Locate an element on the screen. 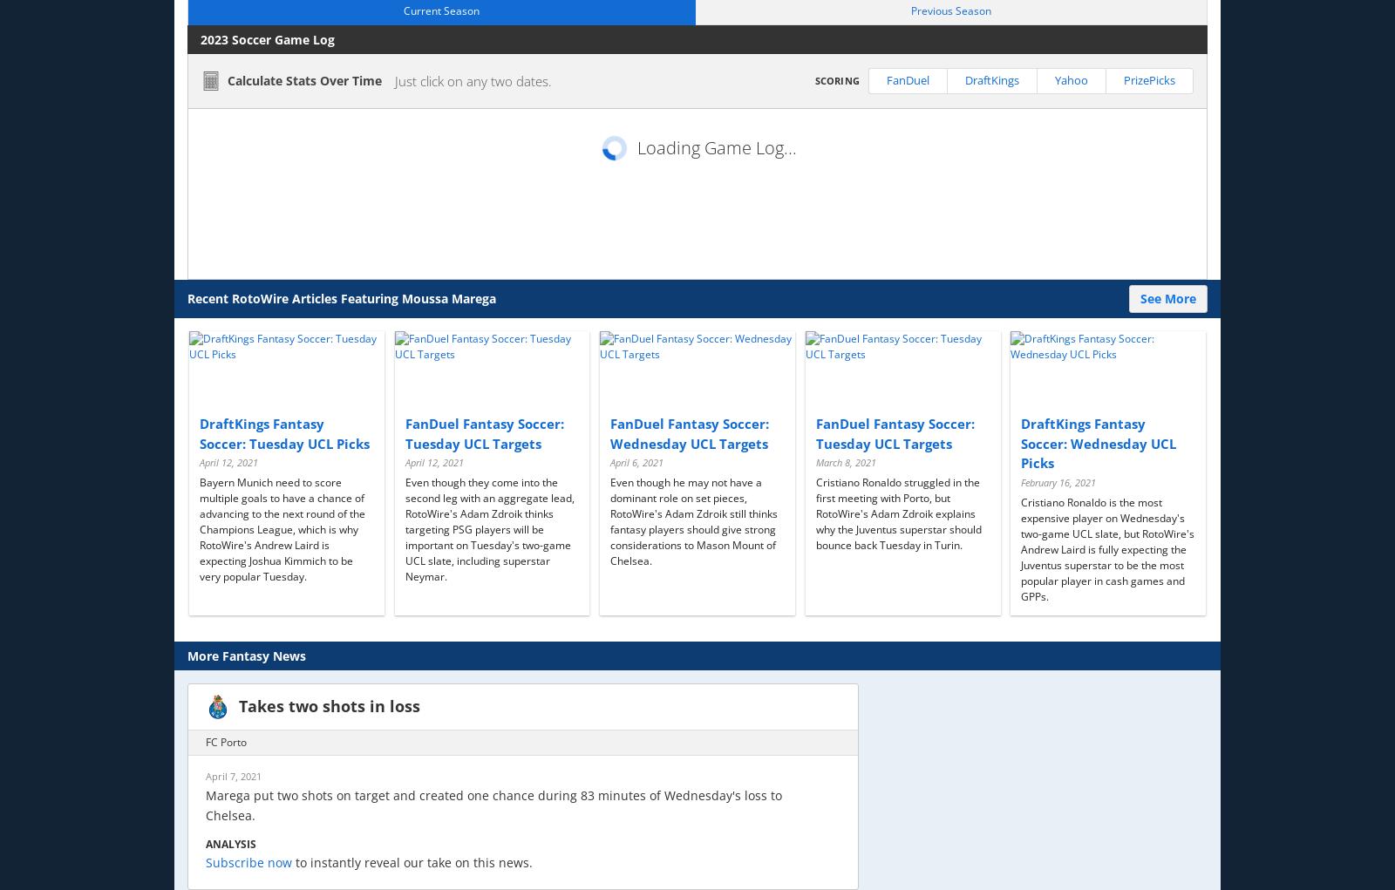 The height and width of the screenshot is (890, 1395). 'April 7, 2021' is located at coordinates (234, 774).